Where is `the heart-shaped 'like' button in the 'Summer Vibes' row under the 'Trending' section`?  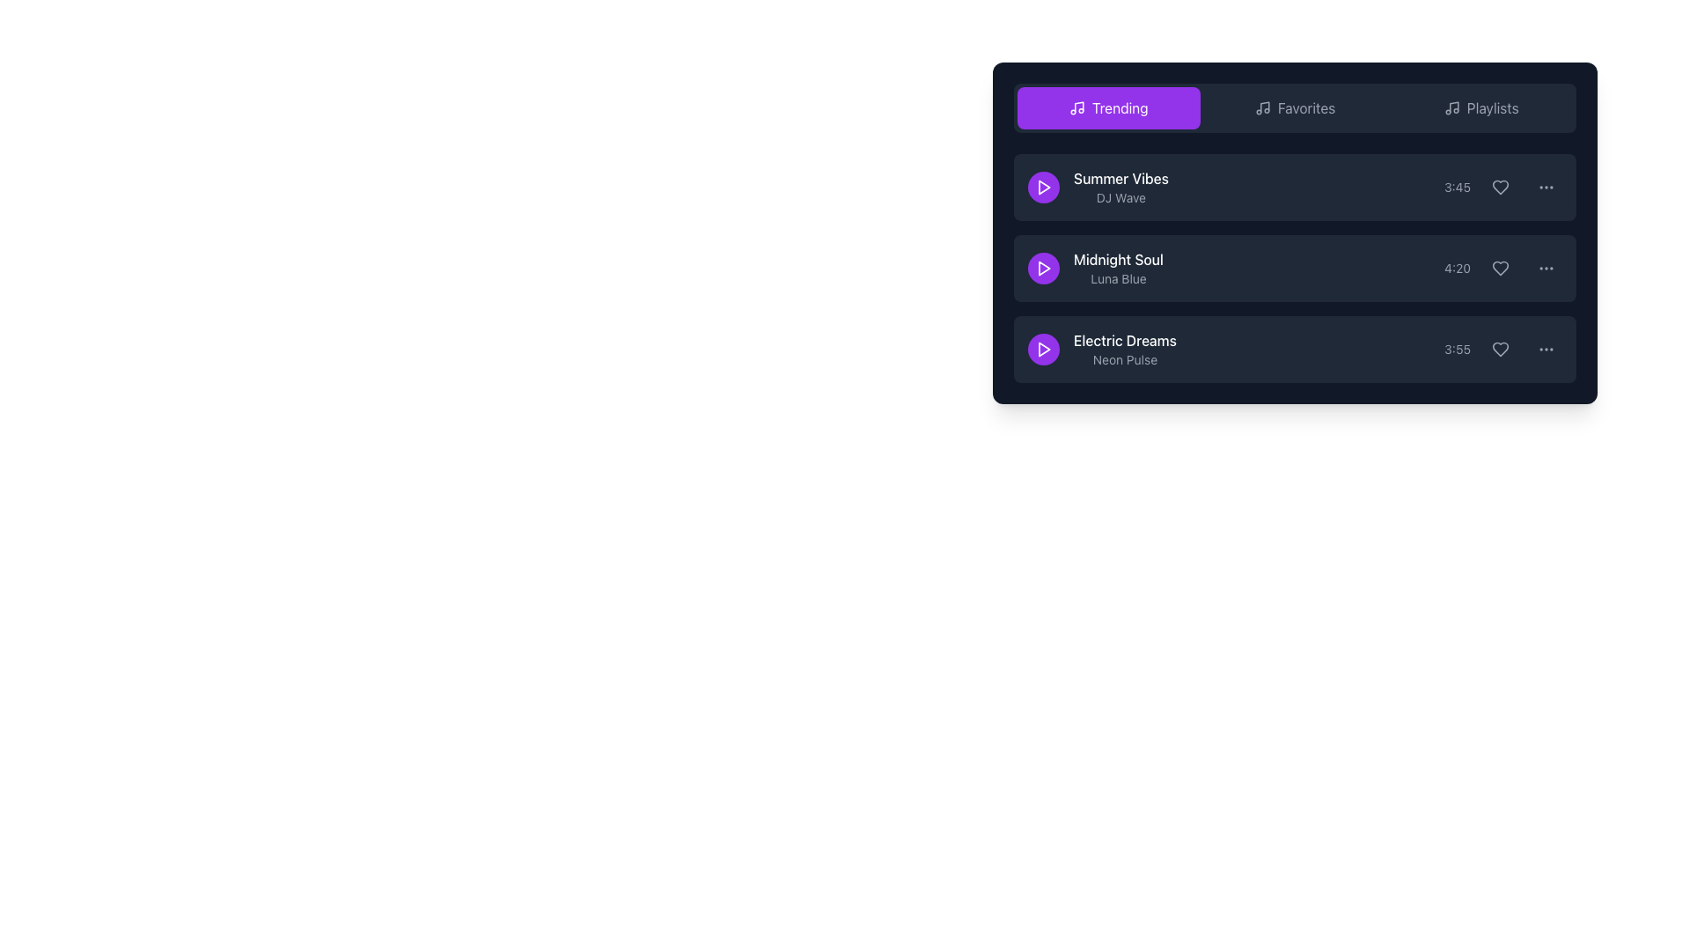
the heart-shaped 'like' button in the 'Summer Vibes' row under the 'Trending' section is located at coordinates (1499, 187).